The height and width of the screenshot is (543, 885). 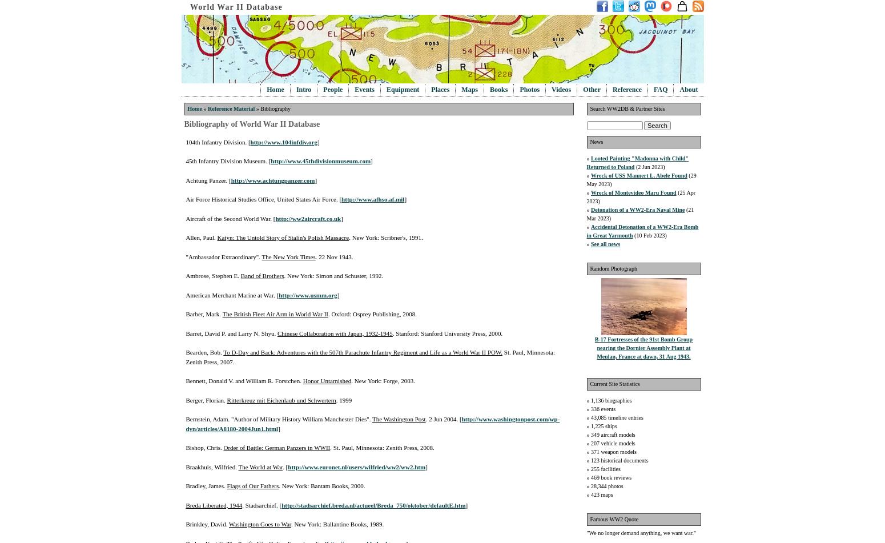 I want to click on 'Events', so click(x=364, y=90).